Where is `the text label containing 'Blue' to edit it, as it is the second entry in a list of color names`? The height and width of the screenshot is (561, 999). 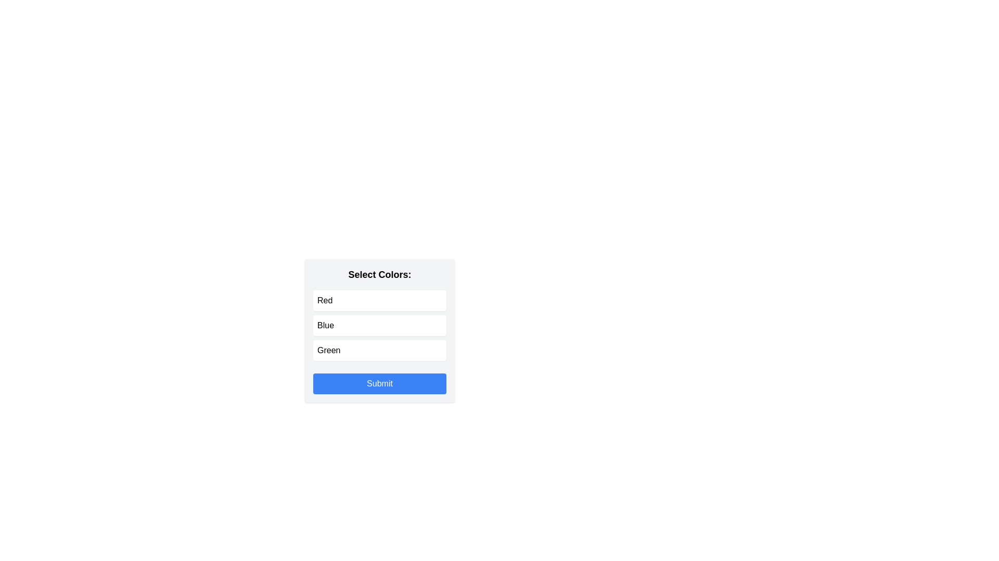 the text label containing 'Blue' to edit it, as it is the second entry in a list of color names is located at coordinates (325, 325).